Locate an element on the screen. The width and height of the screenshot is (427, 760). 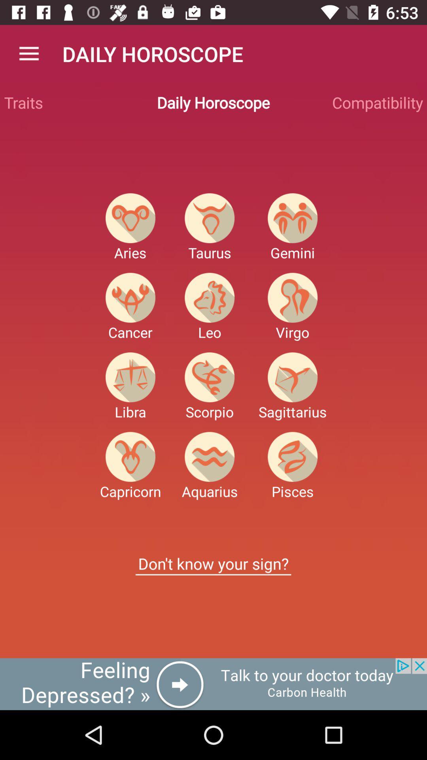
the favorite icon is located at coordinates (283, 227).